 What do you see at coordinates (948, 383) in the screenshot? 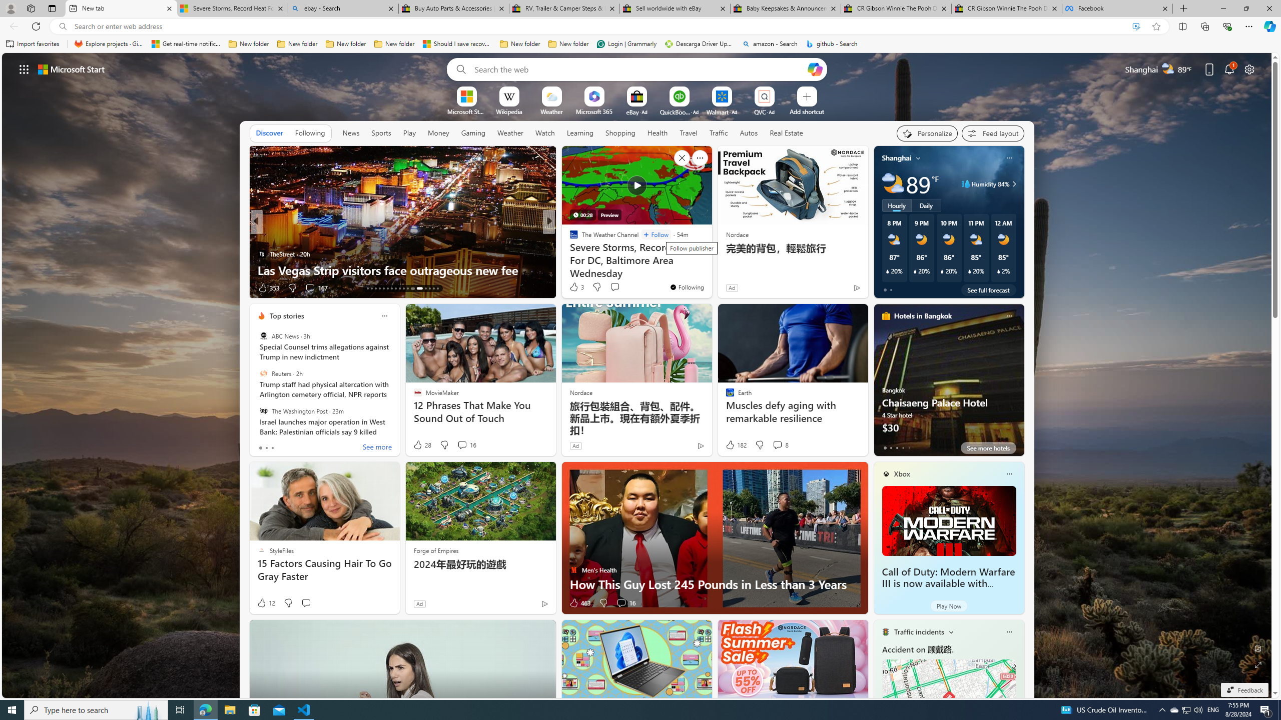
I see `'Chaisaeng Palace Hotel'` at bounding box center [948, 383].